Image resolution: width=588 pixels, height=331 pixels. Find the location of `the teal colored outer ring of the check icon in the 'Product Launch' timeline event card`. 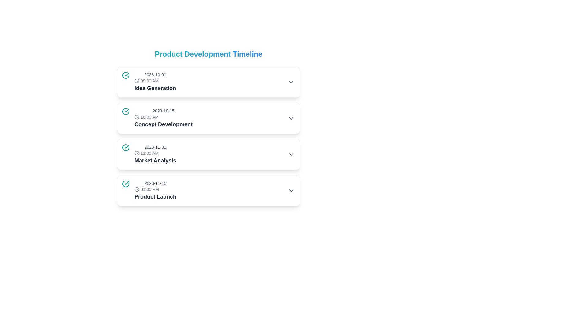

the teal colored outer ring of the check icon in the 'Product Launch' timeline event card is located at coordinates (126, 184).